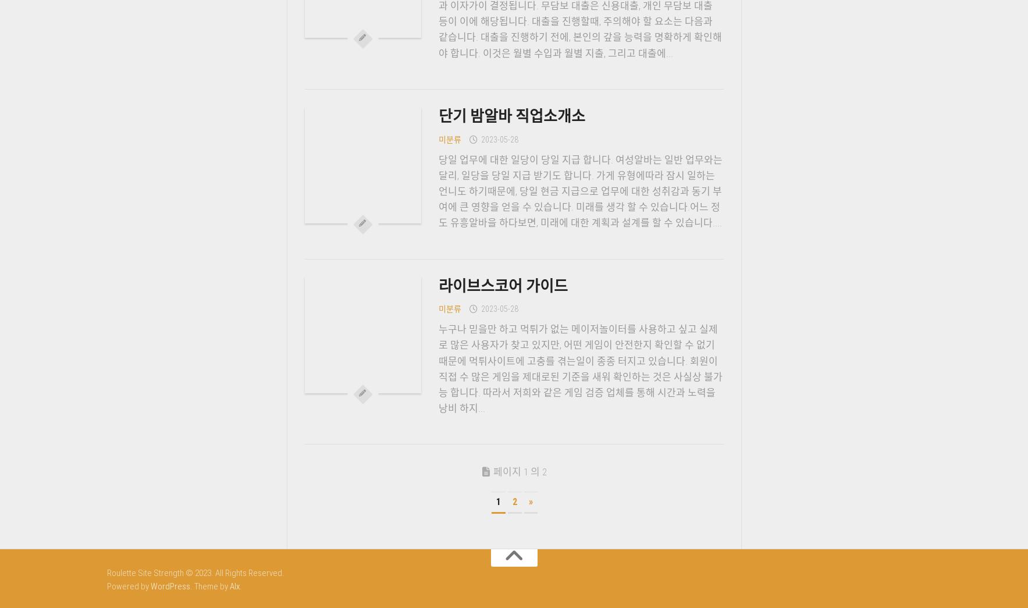  What do you see at coordinates (239, 585) in the screenshot?
I see `'.'` at bounding box center [239, 585].